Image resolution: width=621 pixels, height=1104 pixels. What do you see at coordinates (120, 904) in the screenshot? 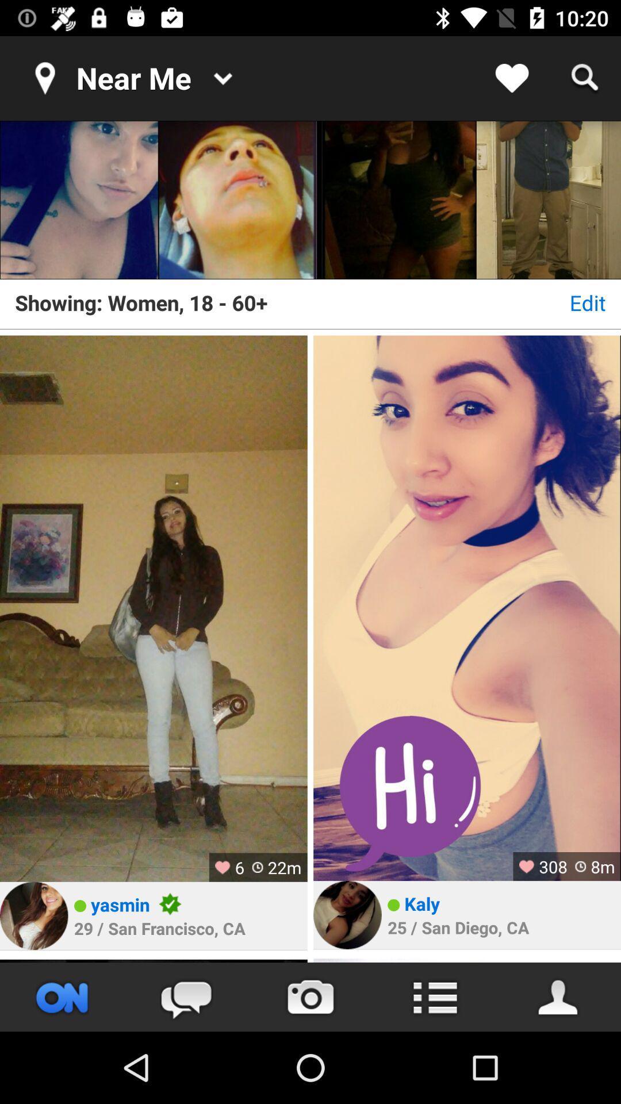
I see `the item above the 29 san francisco item` at bounding box center [120, 904].